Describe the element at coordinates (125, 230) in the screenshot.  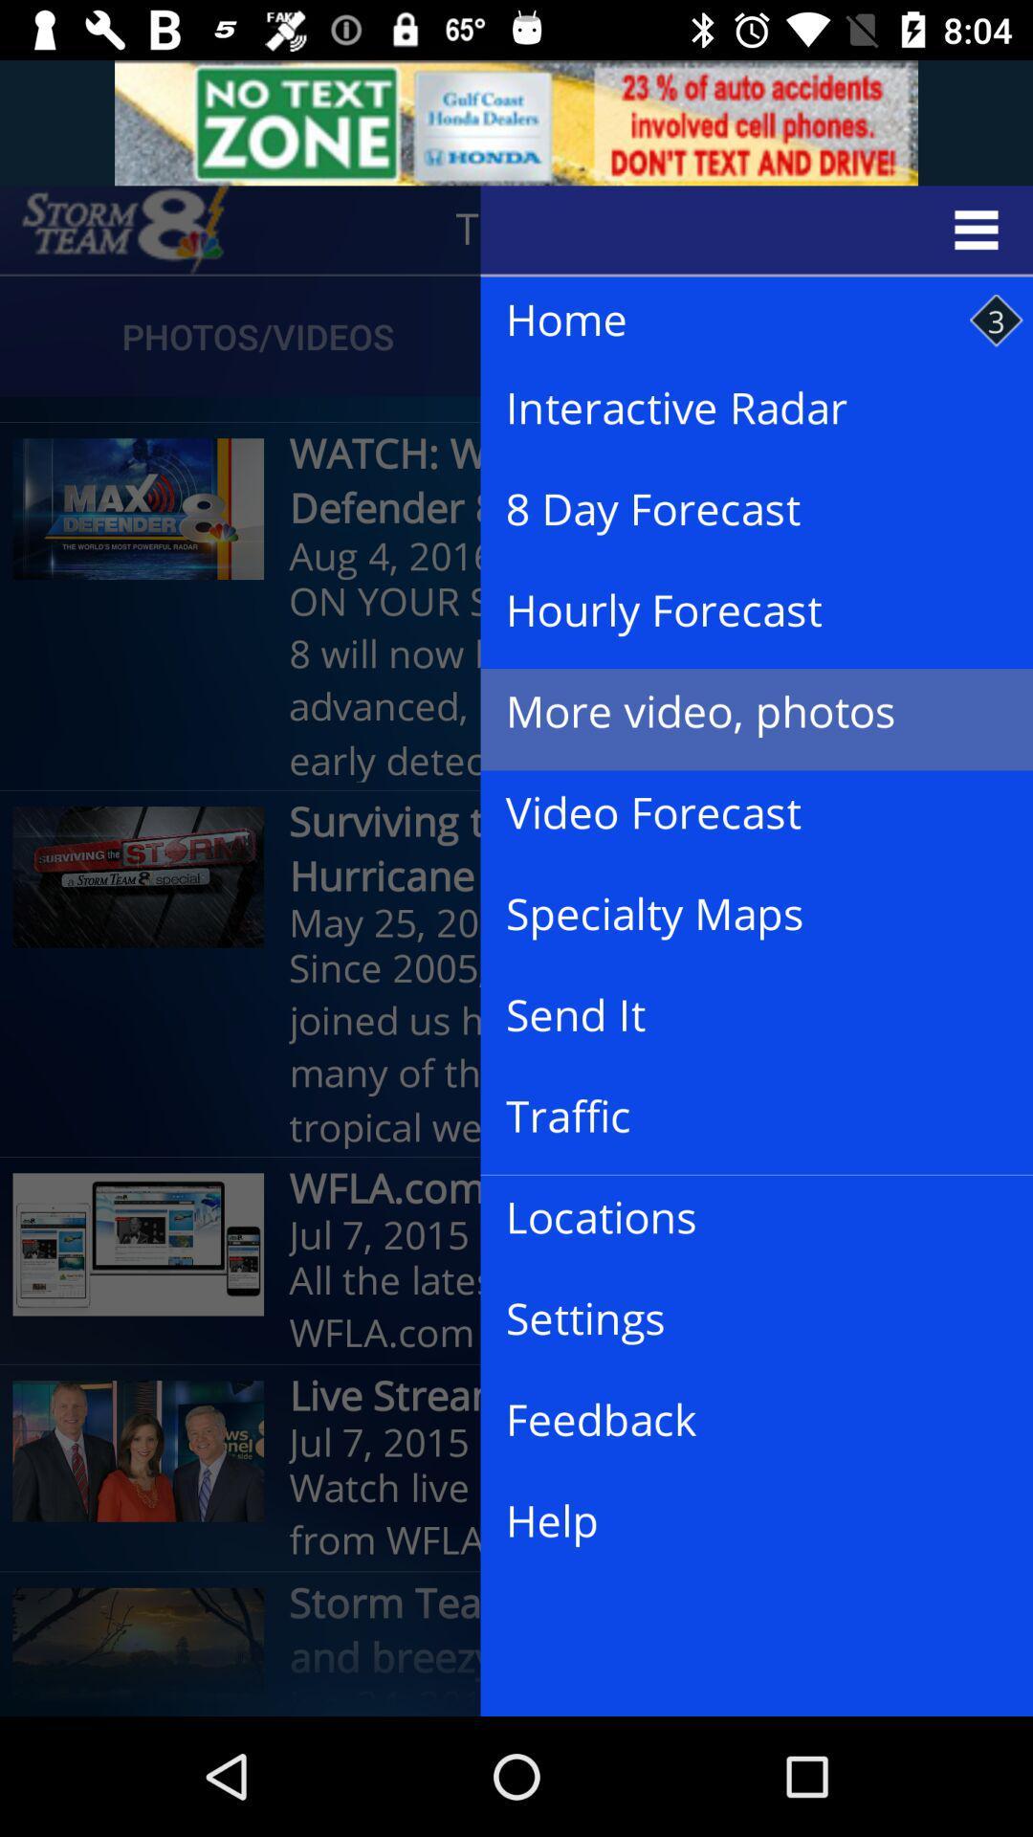
I see `site homepage` at that location.